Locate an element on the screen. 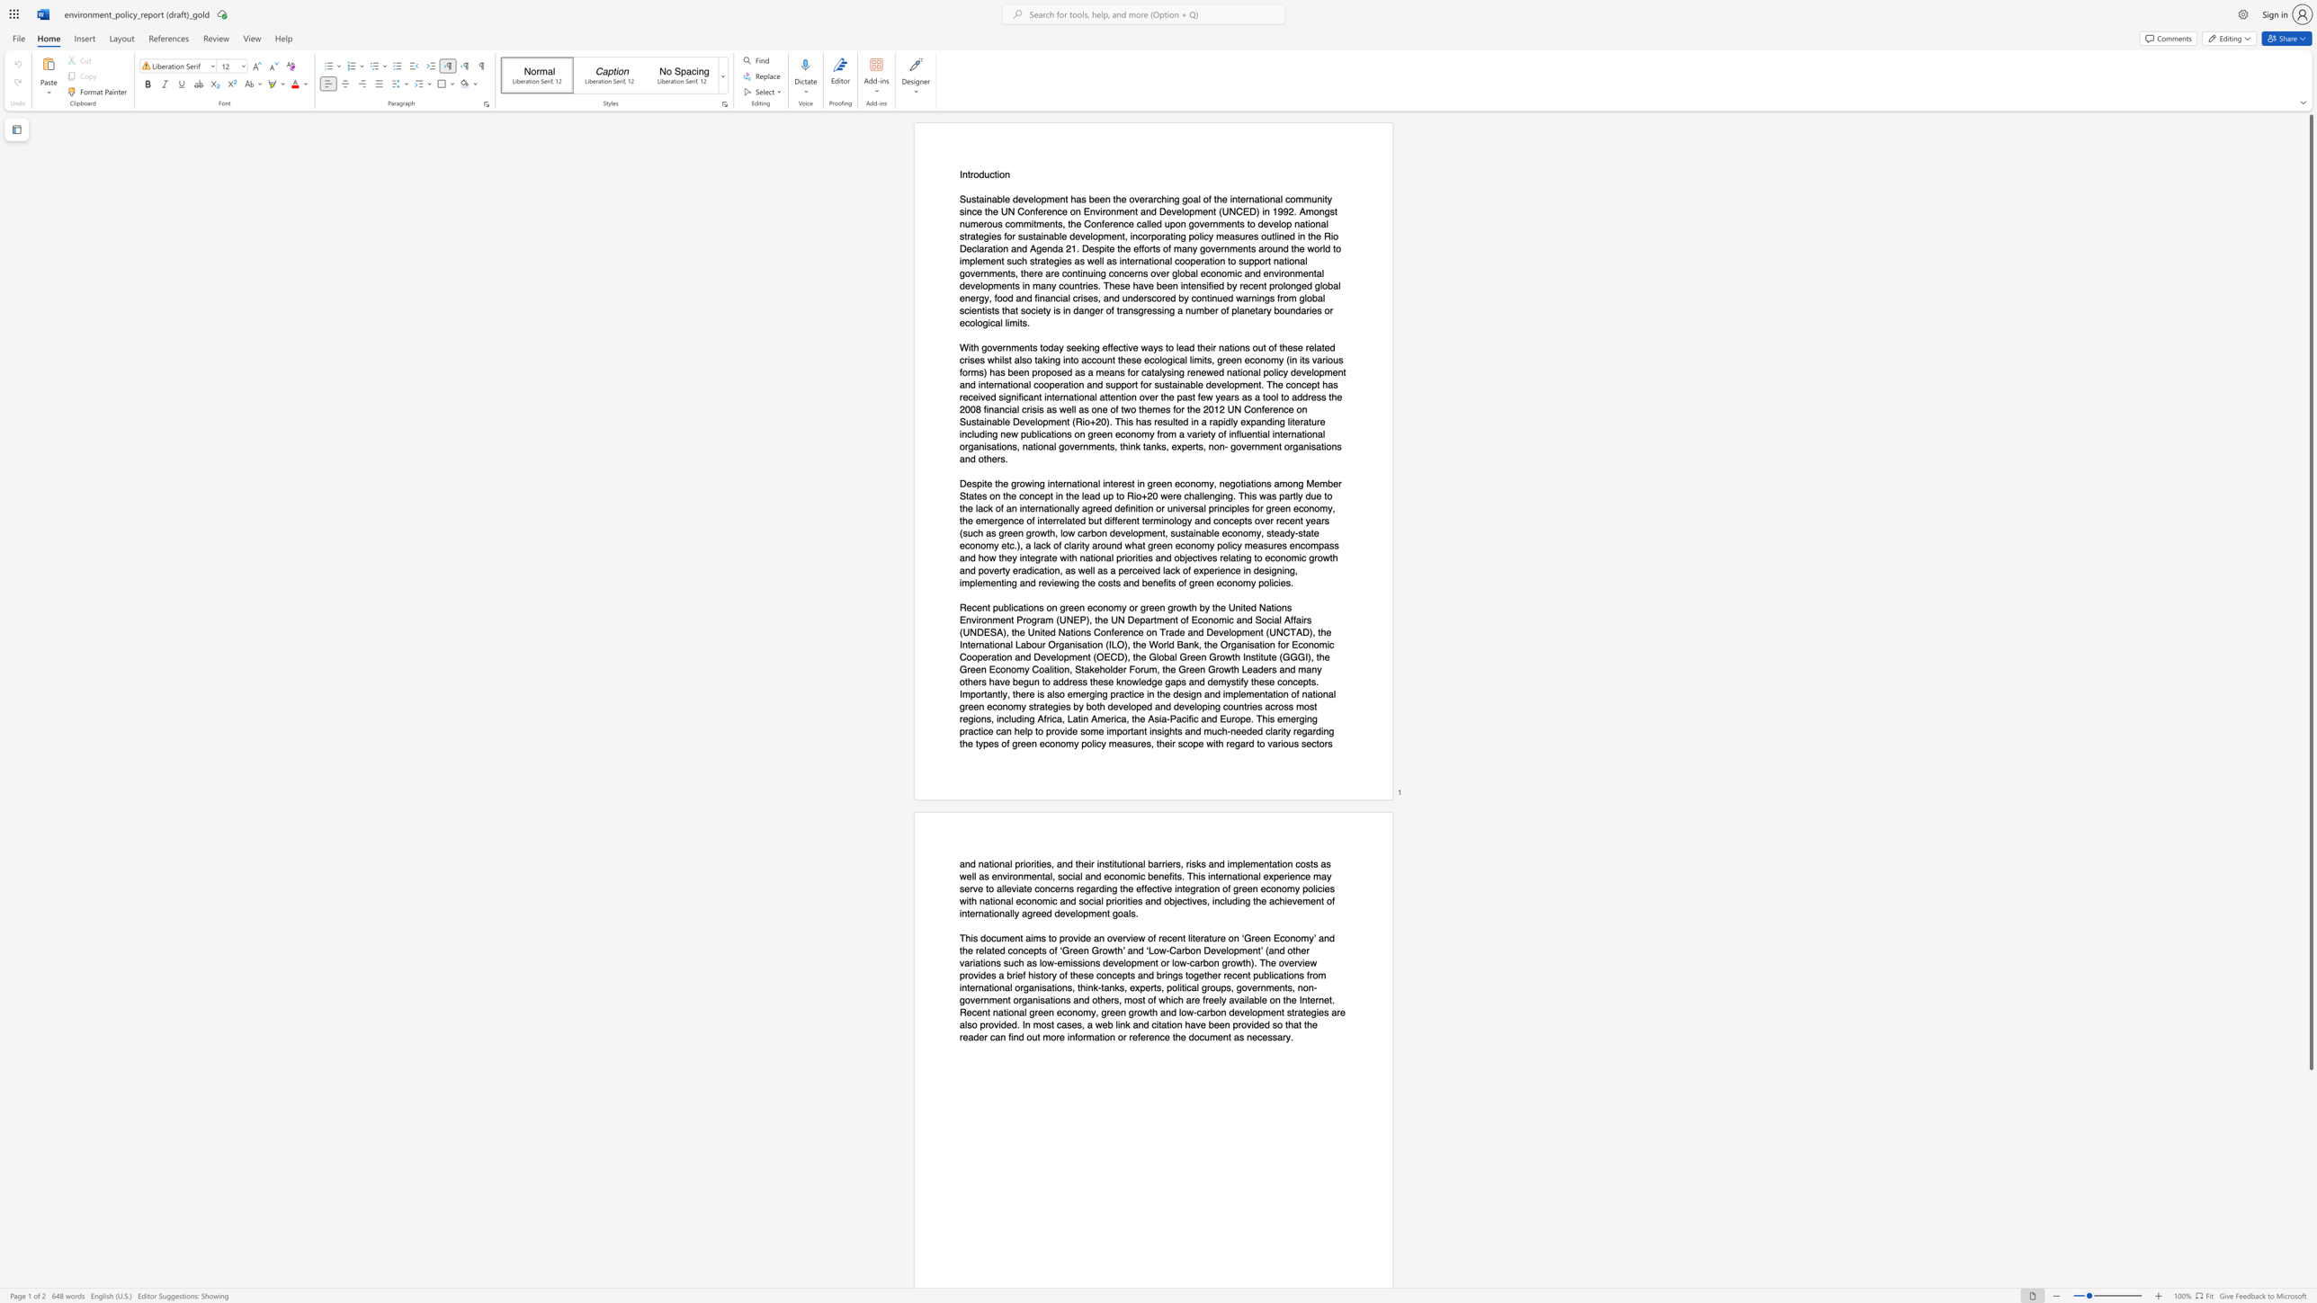 The width and height of the screenshot is (2317, 1303). the vertical scrollbar to lower the page content is located at coordinates (2310, 1278).